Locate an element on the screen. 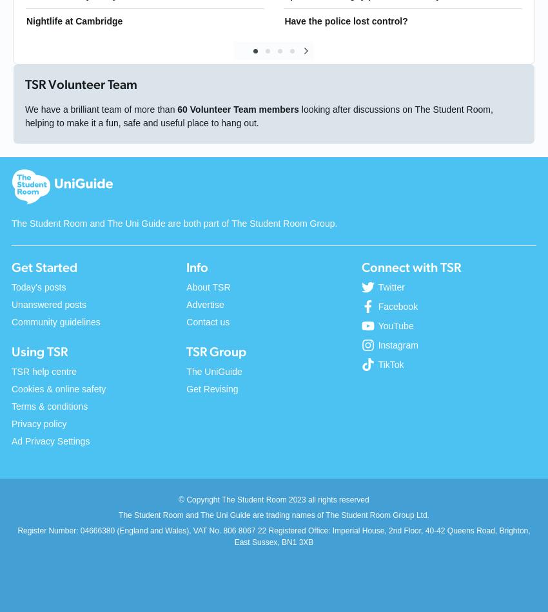 The width and height of the screenshot is (548, 612). 'Instagram' is located at coordinates (397, 345).